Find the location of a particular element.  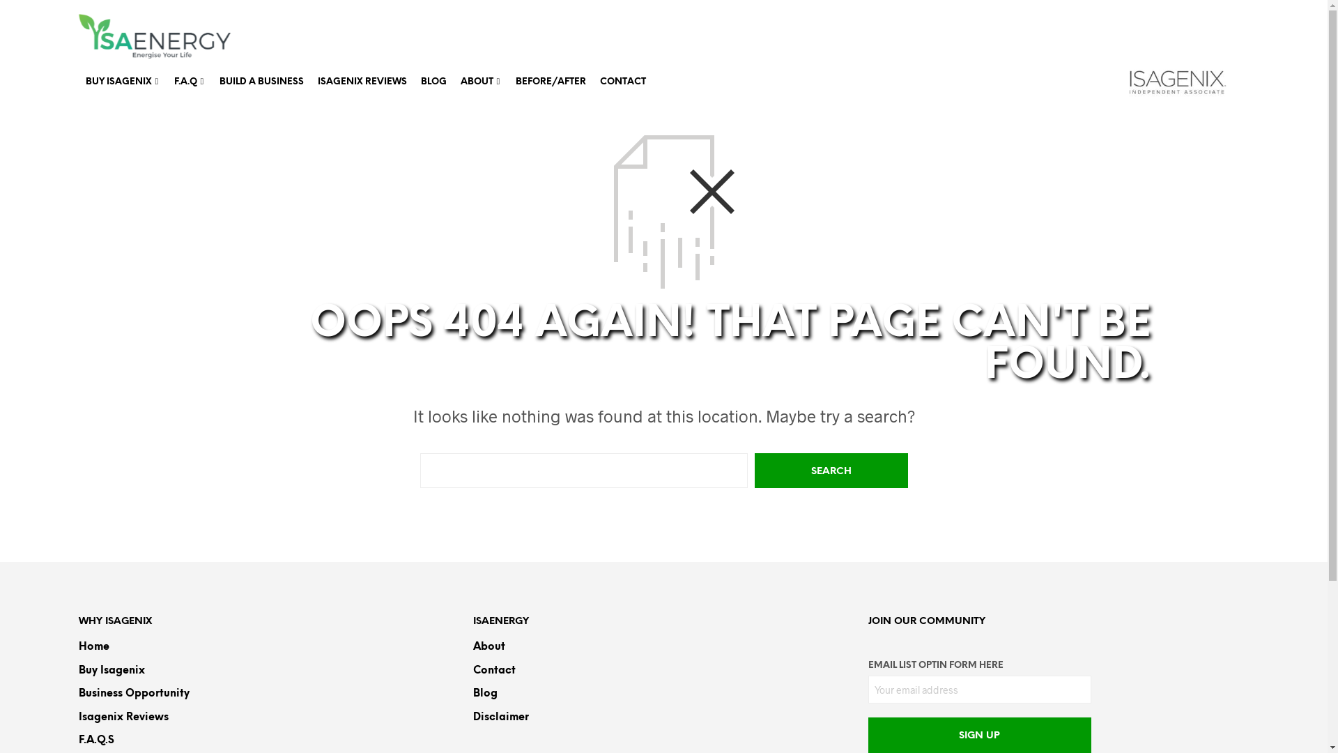

'F.A.Q' is located at coordinates (167, 82).